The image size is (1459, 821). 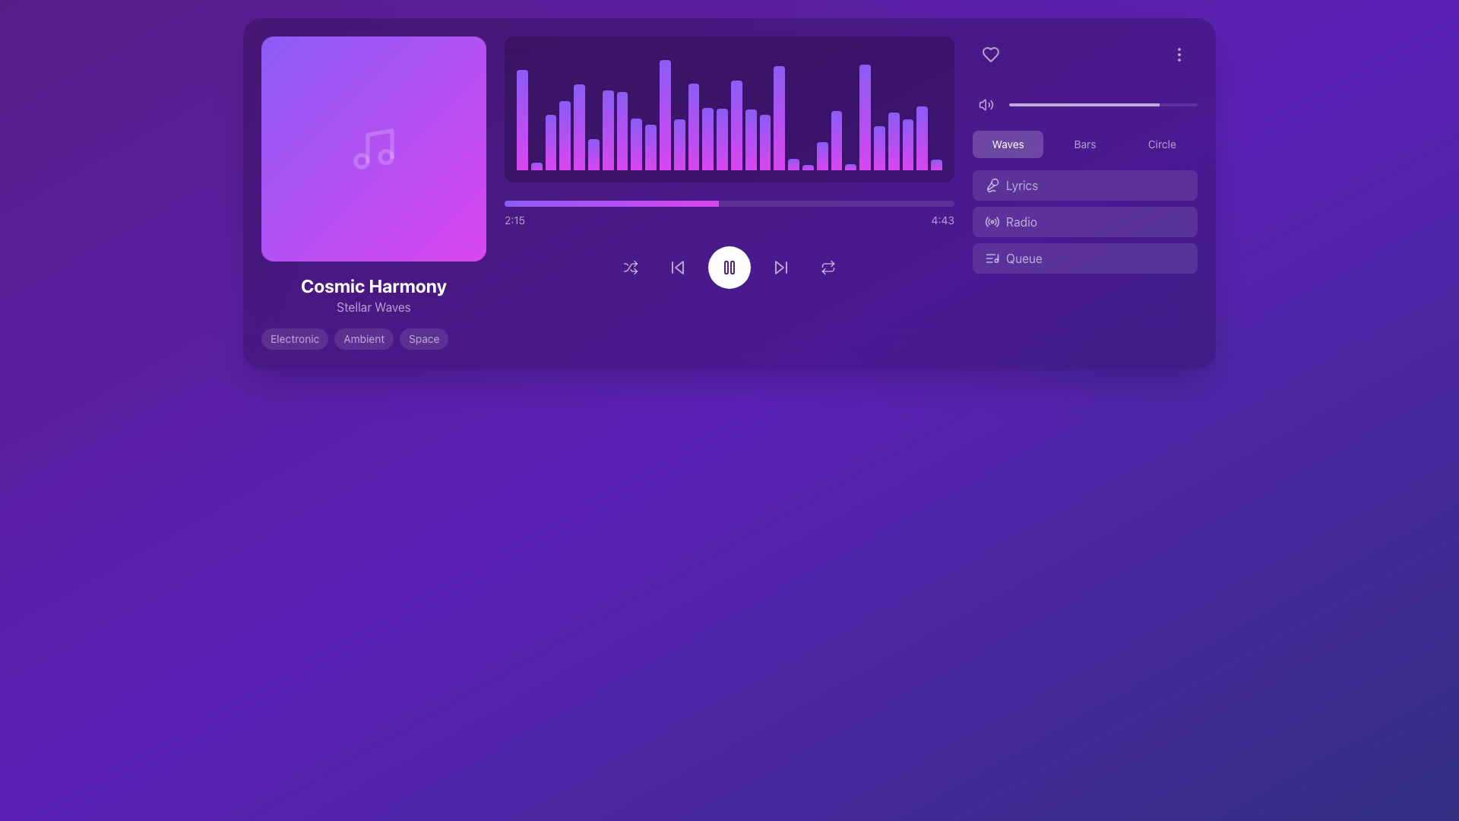 What do you see at coordinates (360, 161) in the screenshot?
I see `the decorative SVG graphical component located in the bottom left part of the music note icon to modify the SVG graphic` at bounding box center [360, 161].